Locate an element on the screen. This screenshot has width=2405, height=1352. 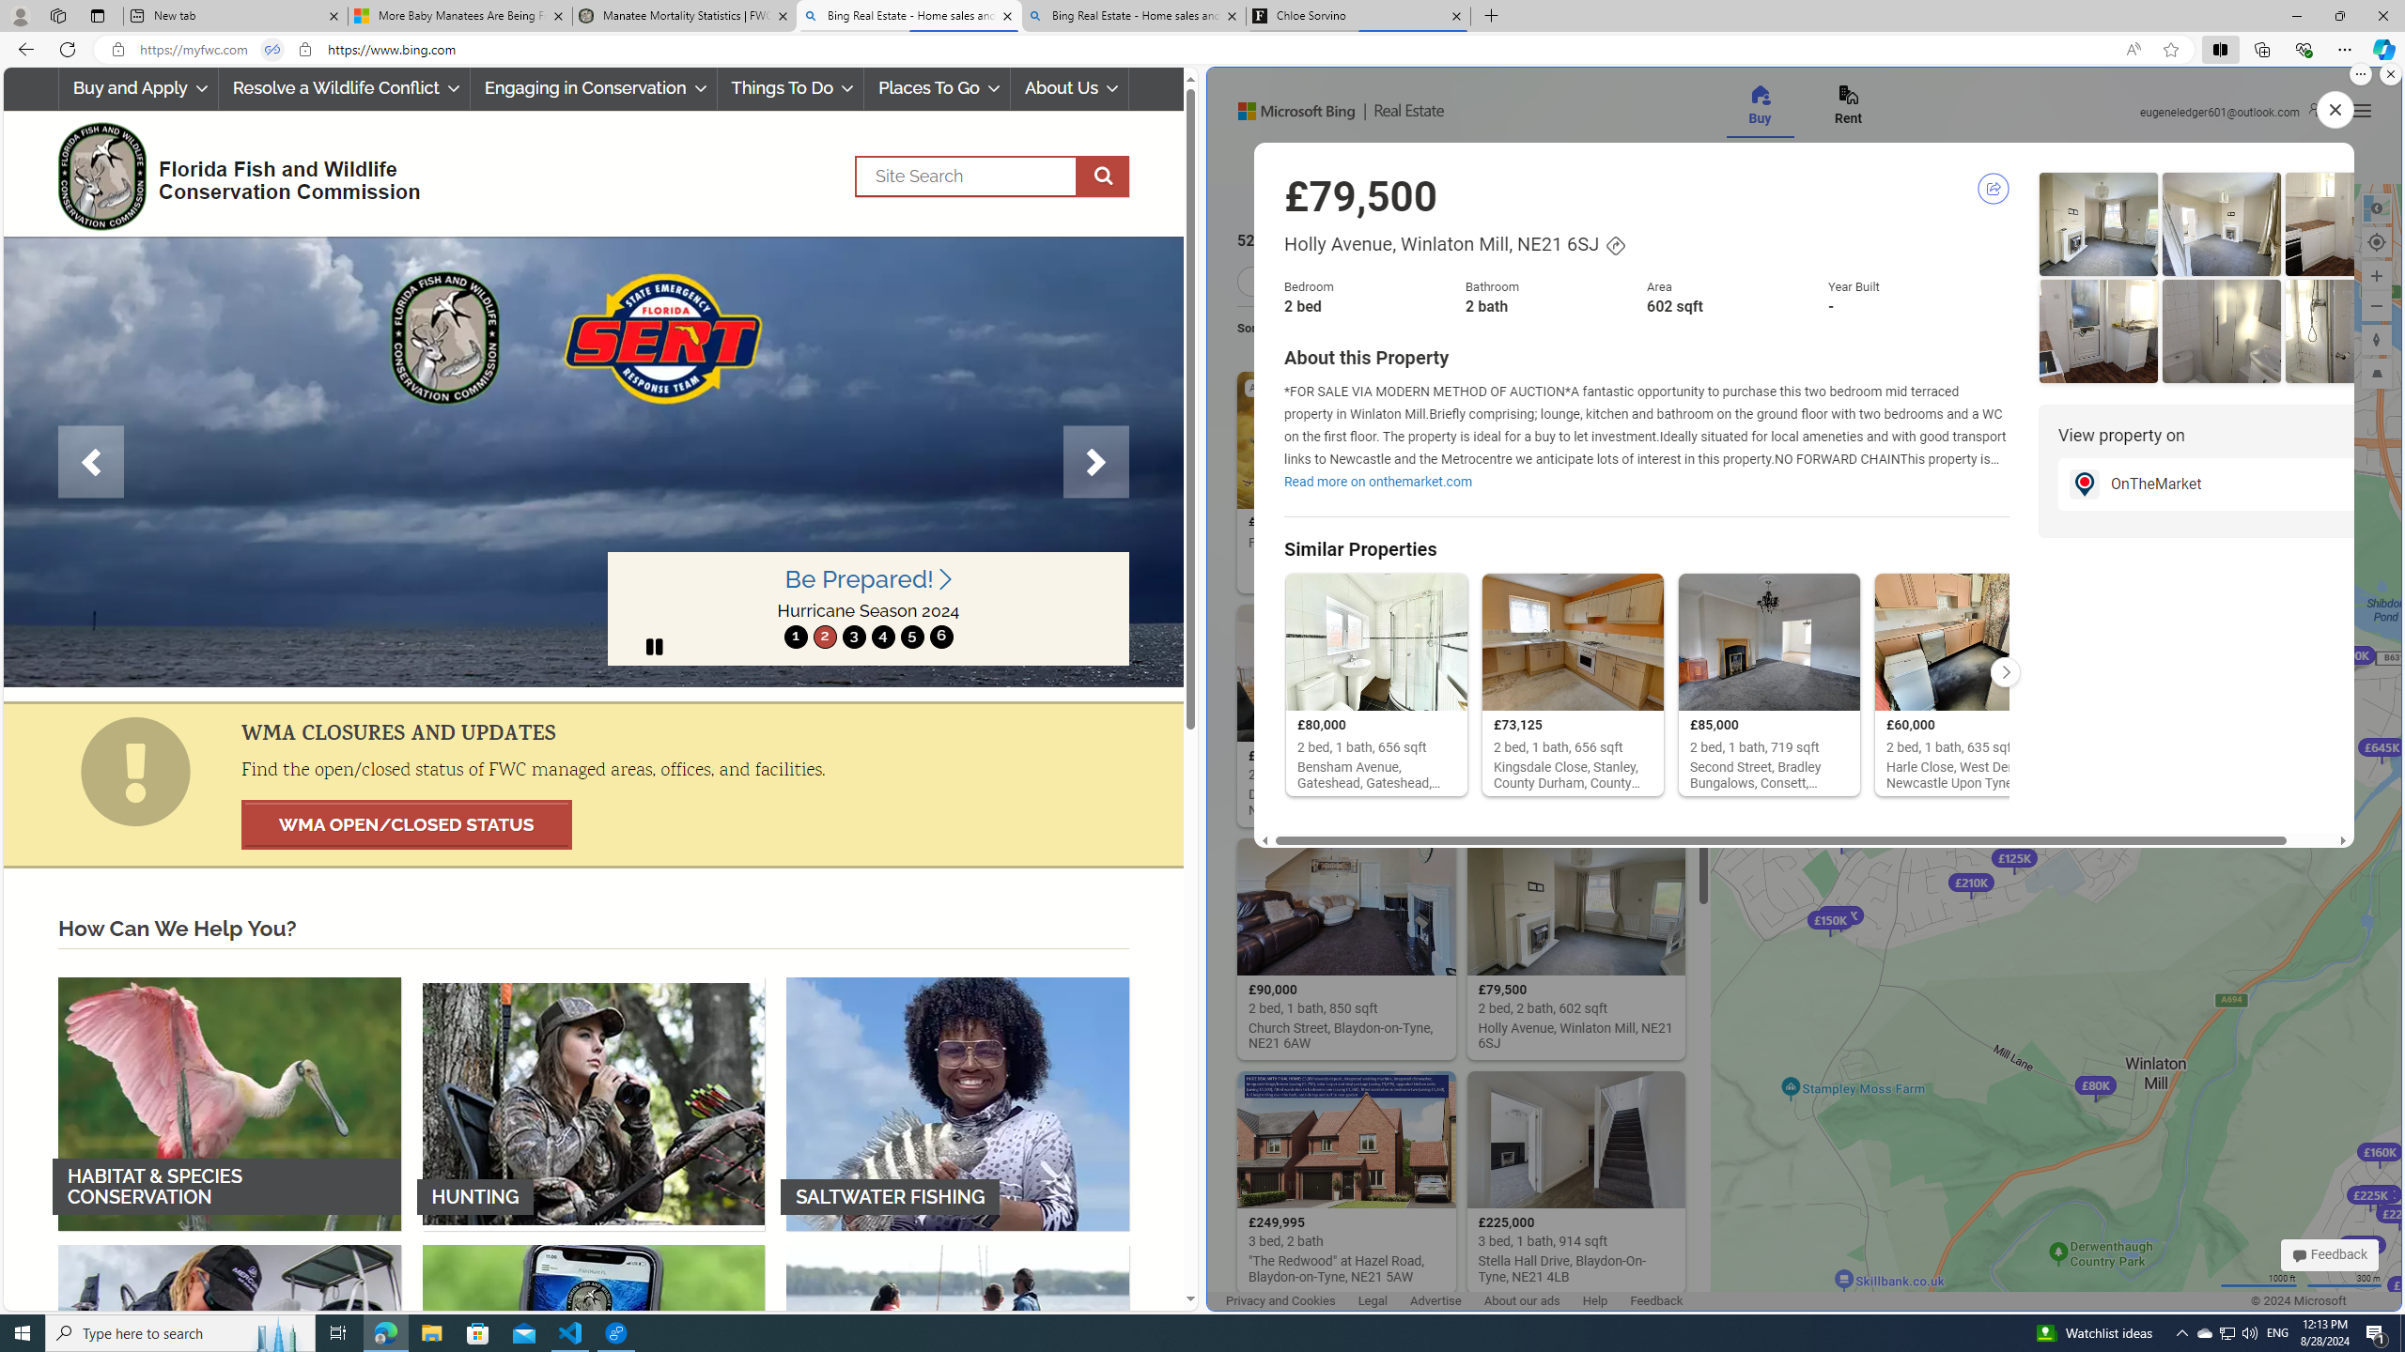
'Be Prepared! ' is located at coordinates (868, 578).